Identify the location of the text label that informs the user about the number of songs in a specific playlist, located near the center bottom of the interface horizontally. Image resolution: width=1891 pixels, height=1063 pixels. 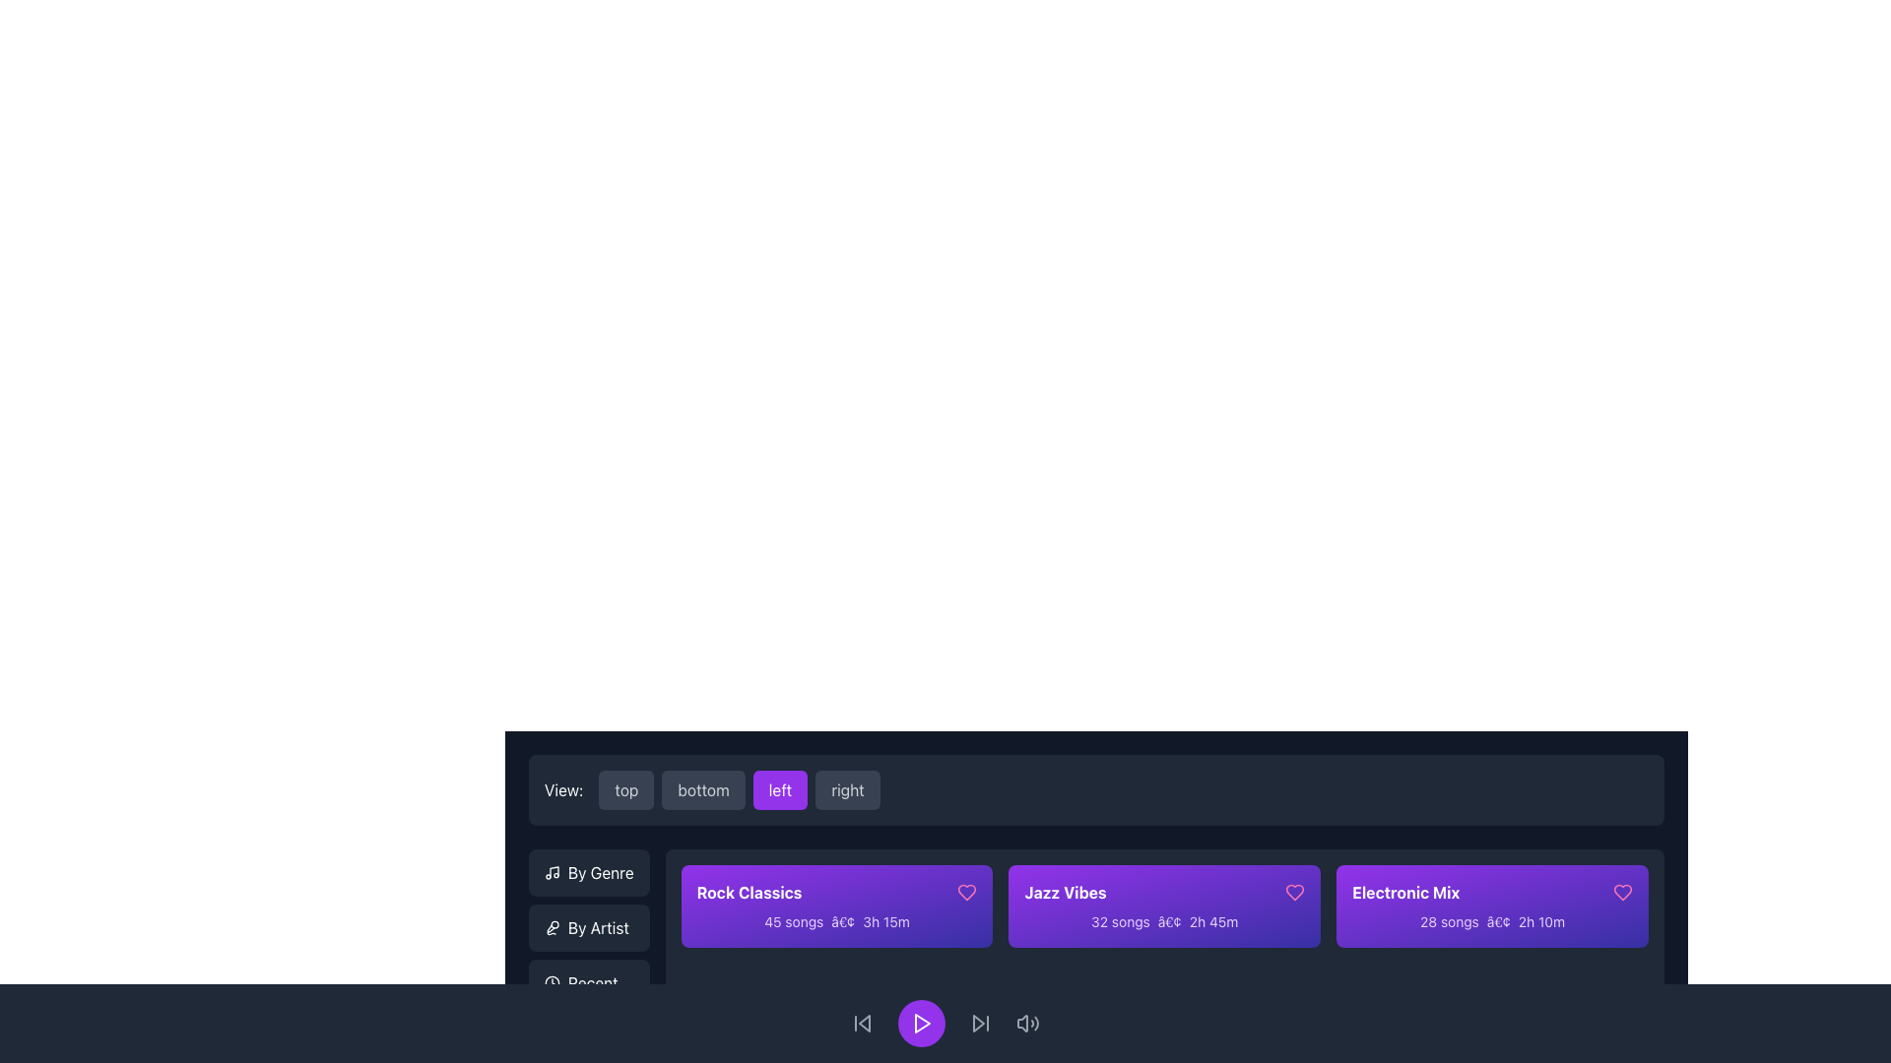
(1449, 921).